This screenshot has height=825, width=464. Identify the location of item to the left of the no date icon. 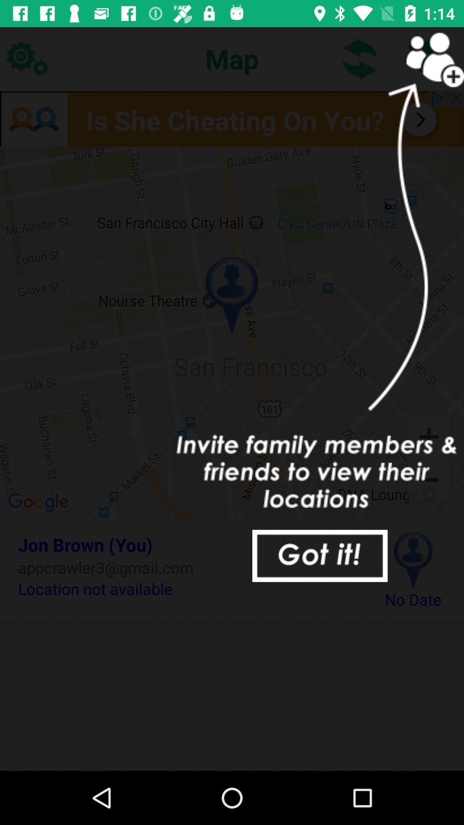
(188, 588).